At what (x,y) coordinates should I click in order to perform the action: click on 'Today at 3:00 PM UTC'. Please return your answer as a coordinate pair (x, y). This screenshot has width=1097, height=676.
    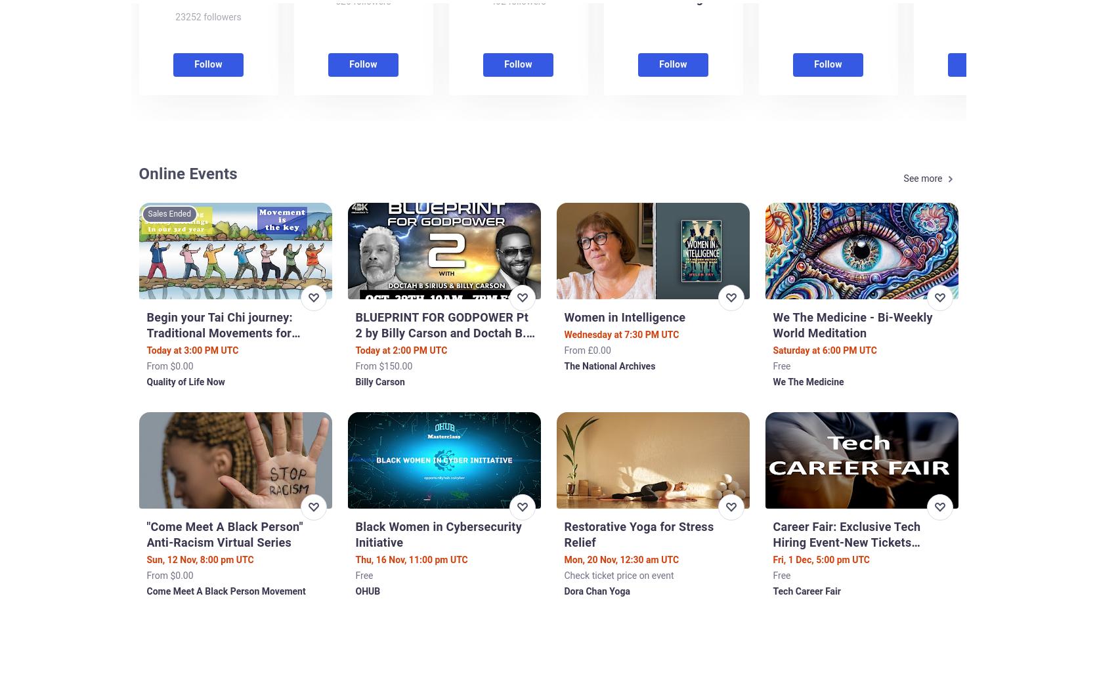
    Looking at the image, I should click on (191, 350).